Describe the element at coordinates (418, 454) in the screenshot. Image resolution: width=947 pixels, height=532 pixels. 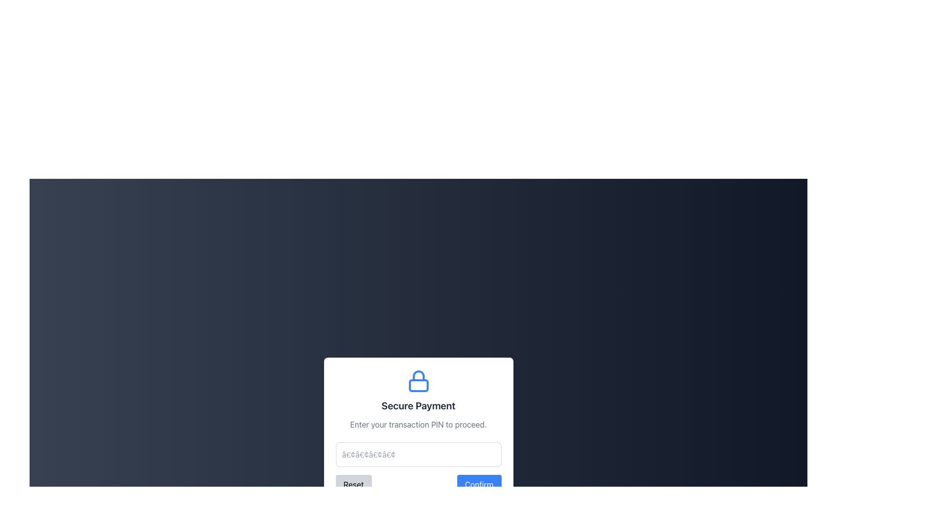
I see `the password input field that is centrally located below the prompt 'Enter your transaction PIN to proceed.' and above the 'Reset' and 'Confirm' buttons` at that location.